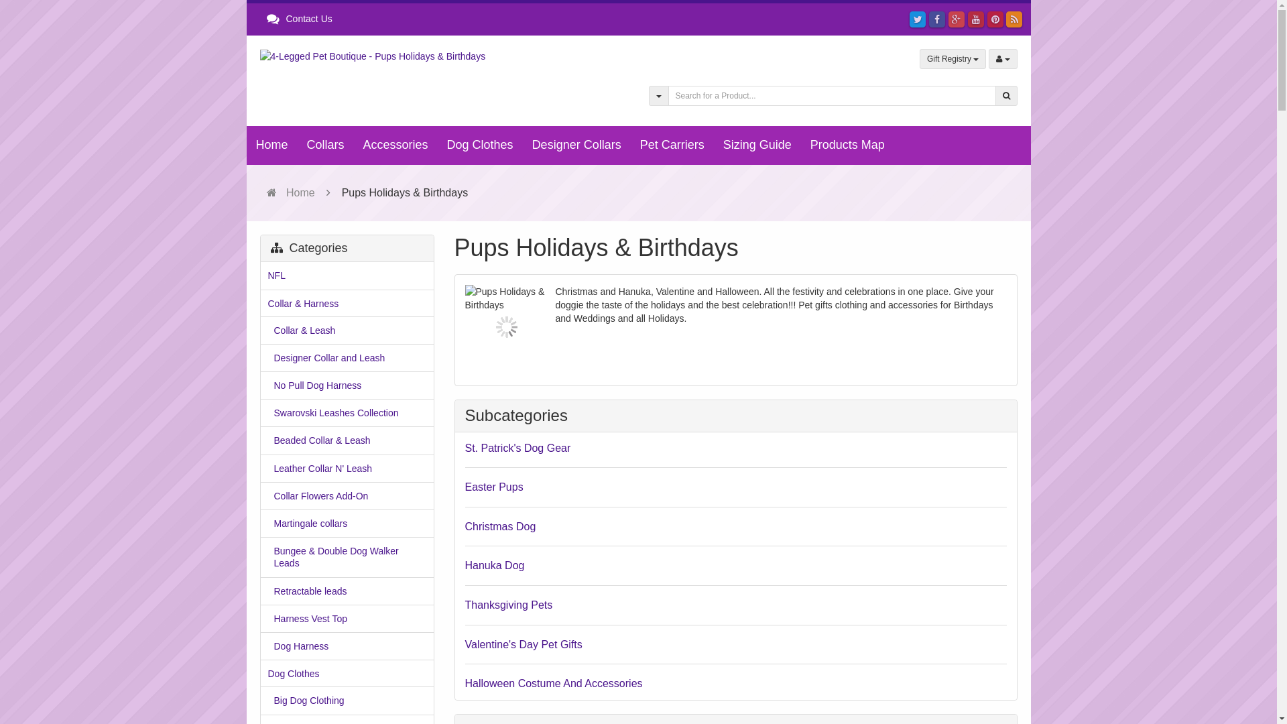  What do you see at coordinates (347, 330) in the screenshot?
I see `'Collar & Leash'` at bounding box center [347, 330].